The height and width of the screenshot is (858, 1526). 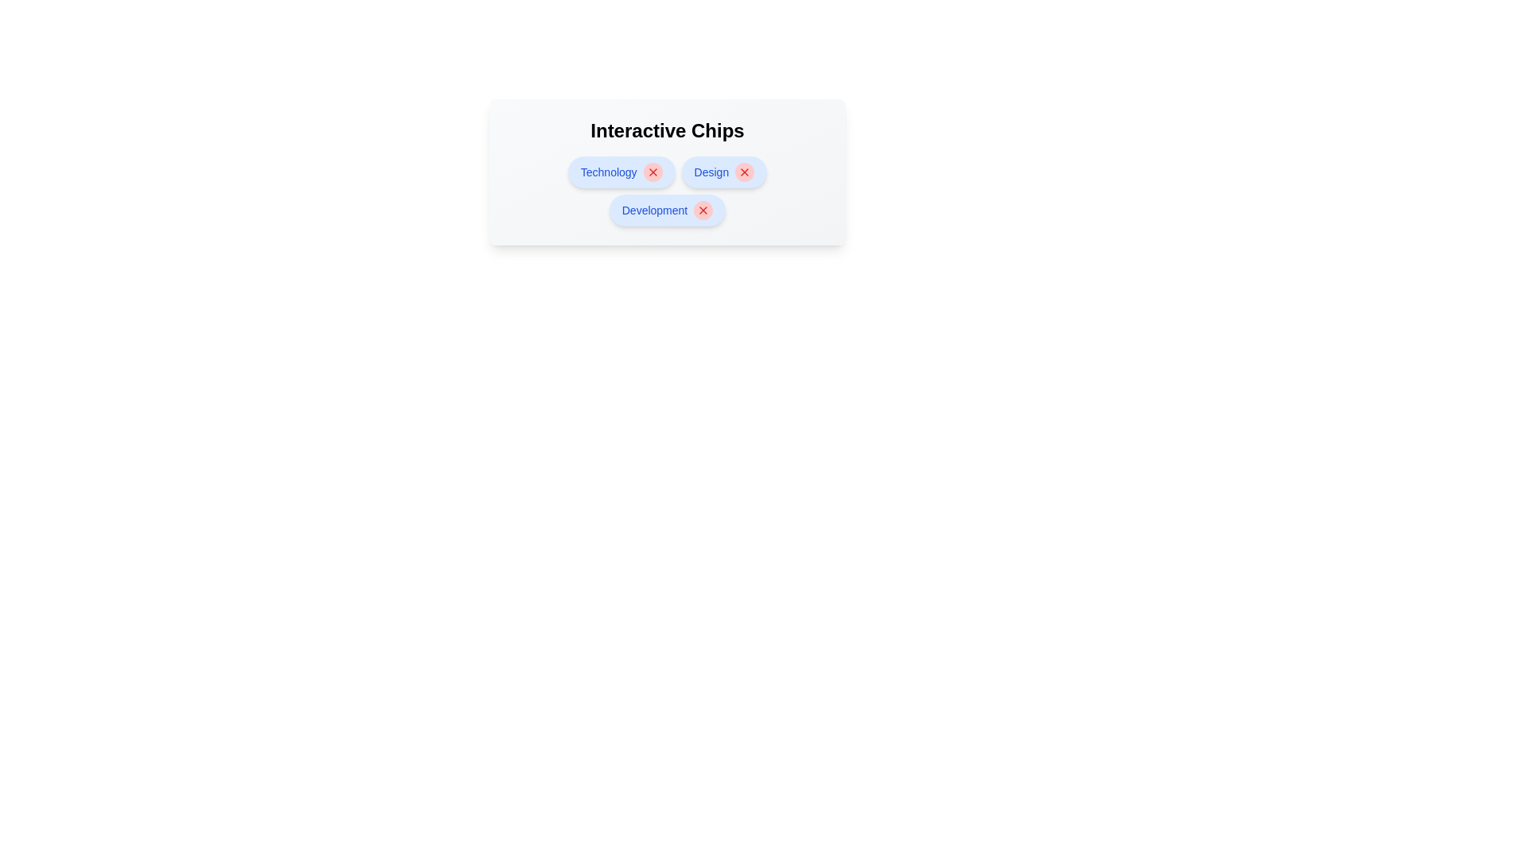 What do you see at coordinates (723, 172) in the screenshot?
I see `the chip labeled 'Design' to view its hover effect` at bounding box center [723, 172].